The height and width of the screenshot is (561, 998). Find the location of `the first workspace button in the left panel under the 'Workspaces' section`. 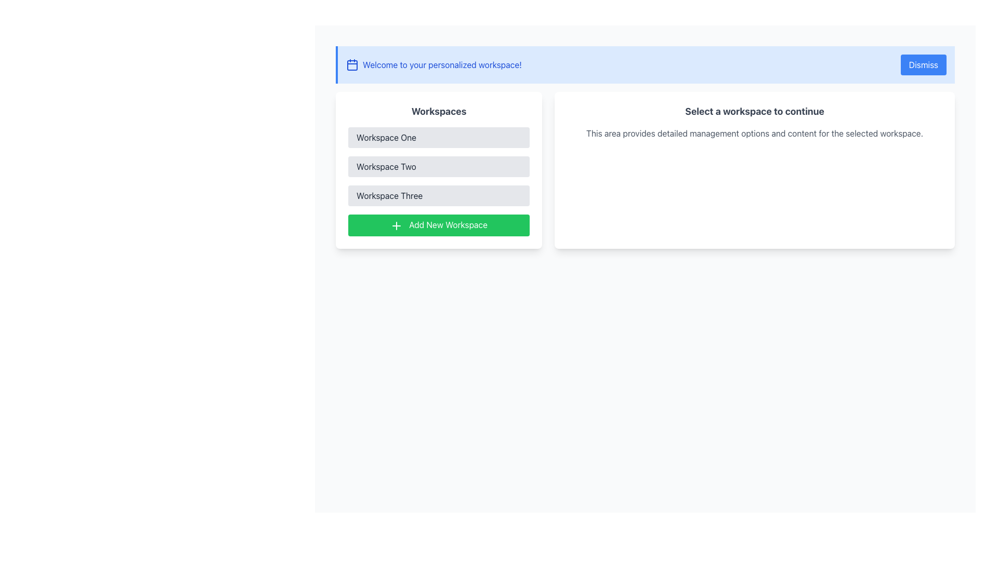

the first workspace button in the left panel under the 'Workspaces' section is located at coordinates (439, 137).